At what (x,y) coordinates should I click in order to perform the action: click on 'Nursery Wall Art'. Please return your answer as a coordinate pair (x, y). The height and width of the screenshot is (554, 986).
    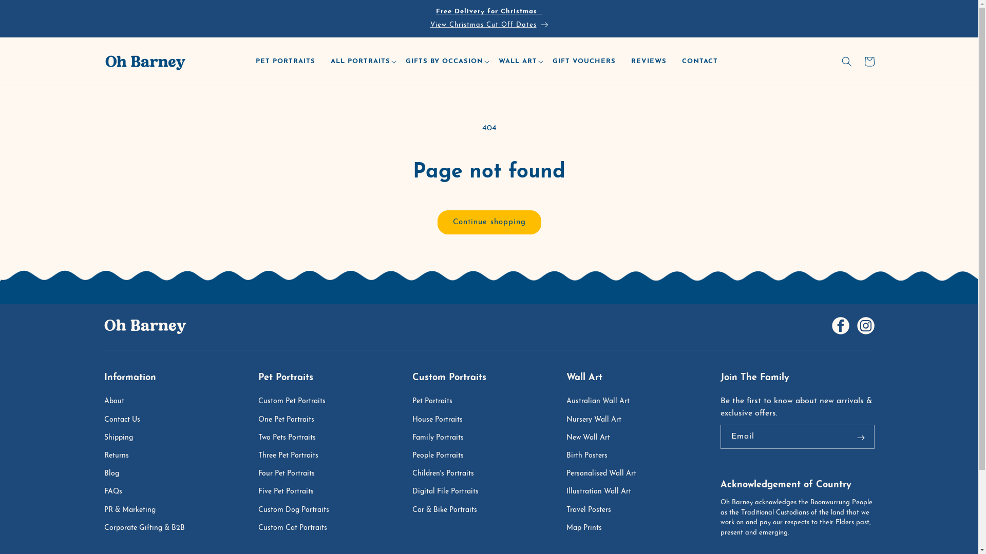
    Looking at the image, I should click on (598, 420).